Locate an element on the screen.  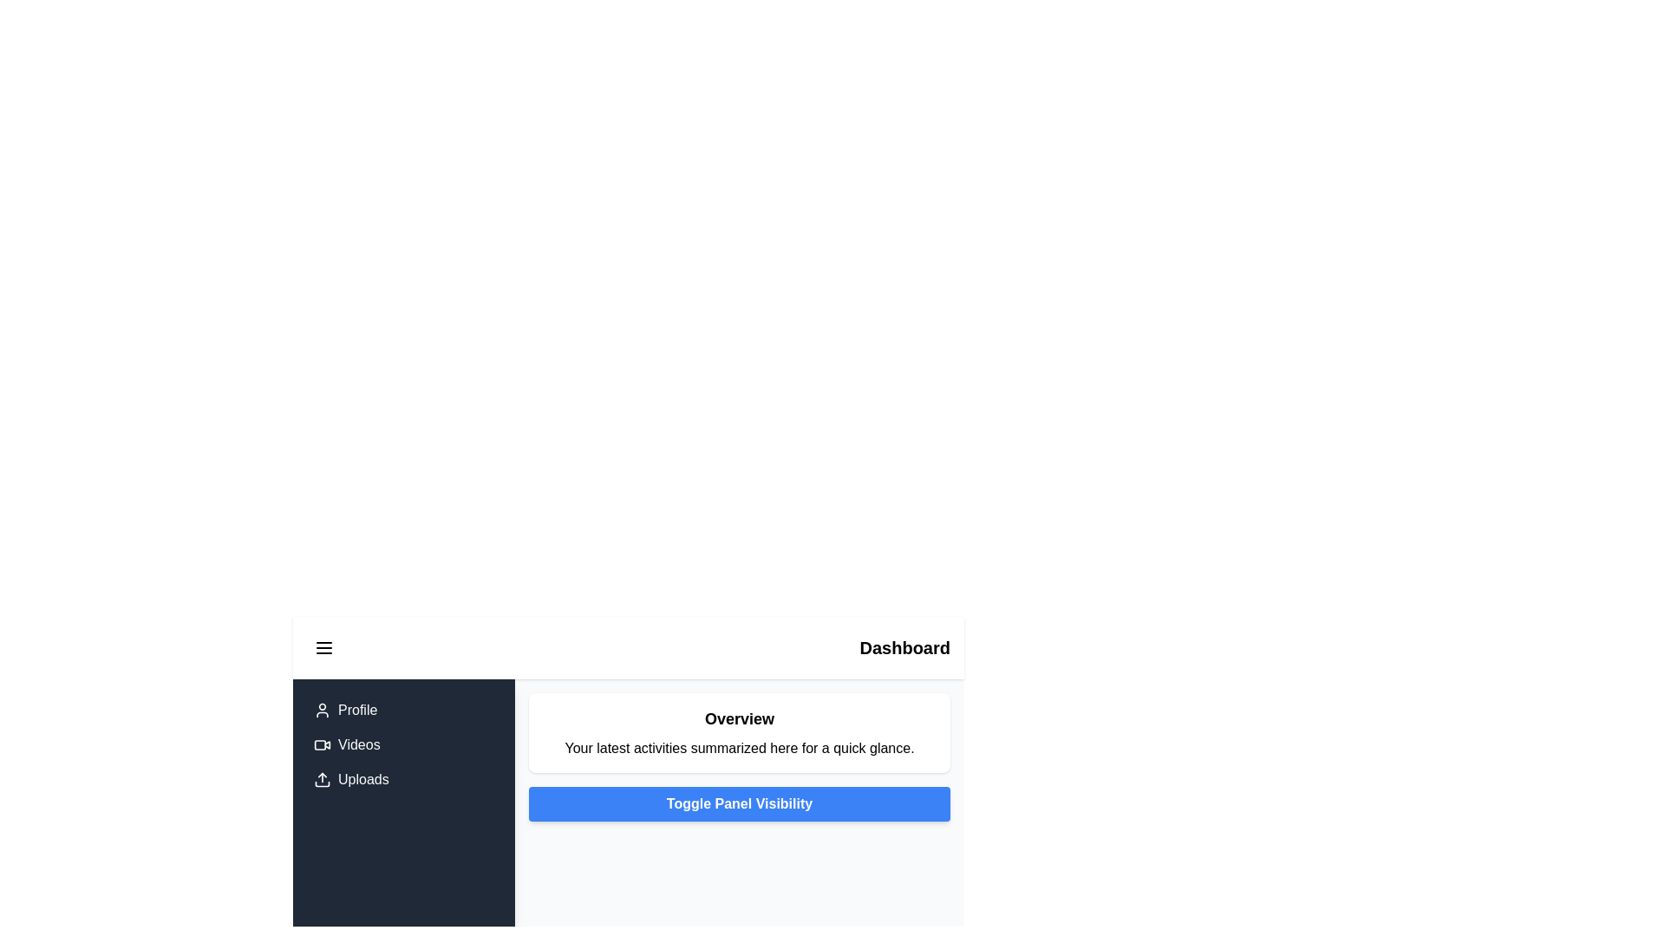
the user silhouette icon located in the left navigation menu, which is the first icon next to the 'Profile' text is located at coordinates (323, 710).